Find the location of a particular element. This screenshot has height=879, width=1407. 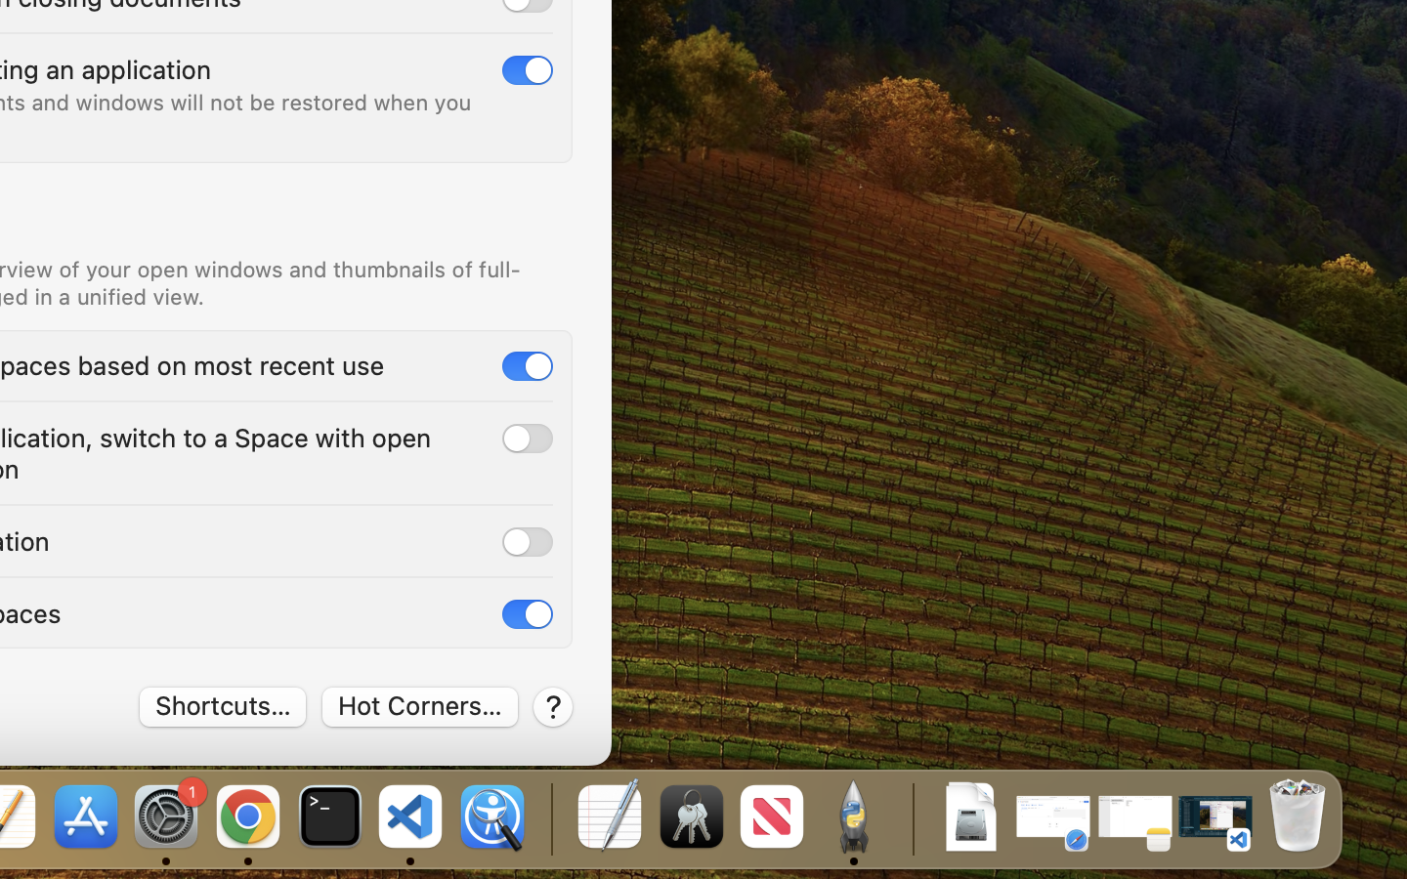

'0.4285714328289032' is located at coordinates (549, 817).